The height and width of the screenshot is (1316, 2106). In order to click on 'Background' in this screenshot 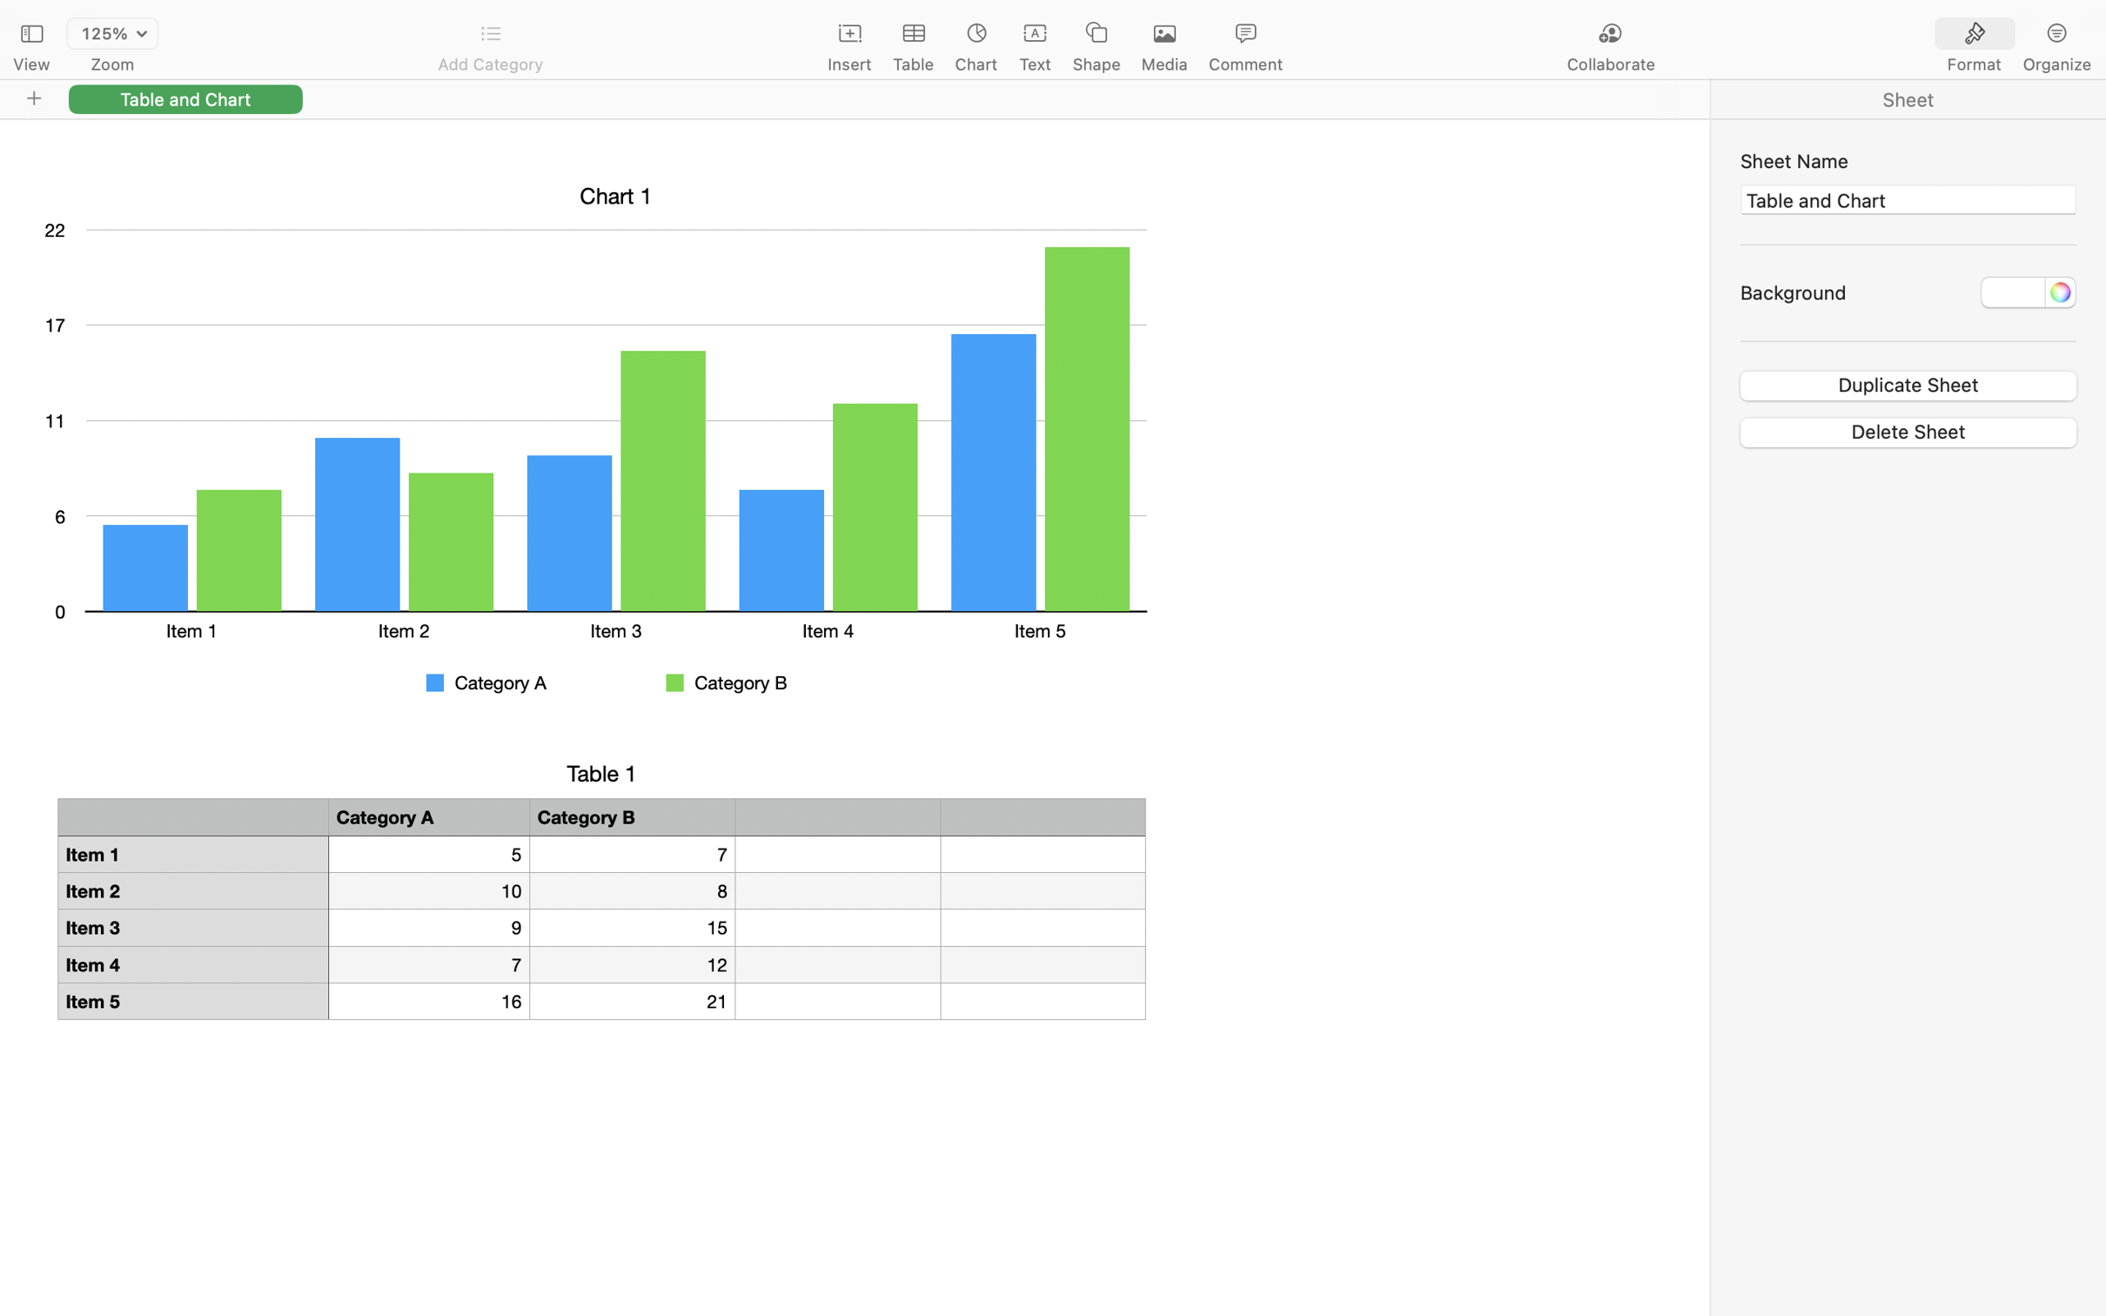, I will do `click(1793, 291)`.